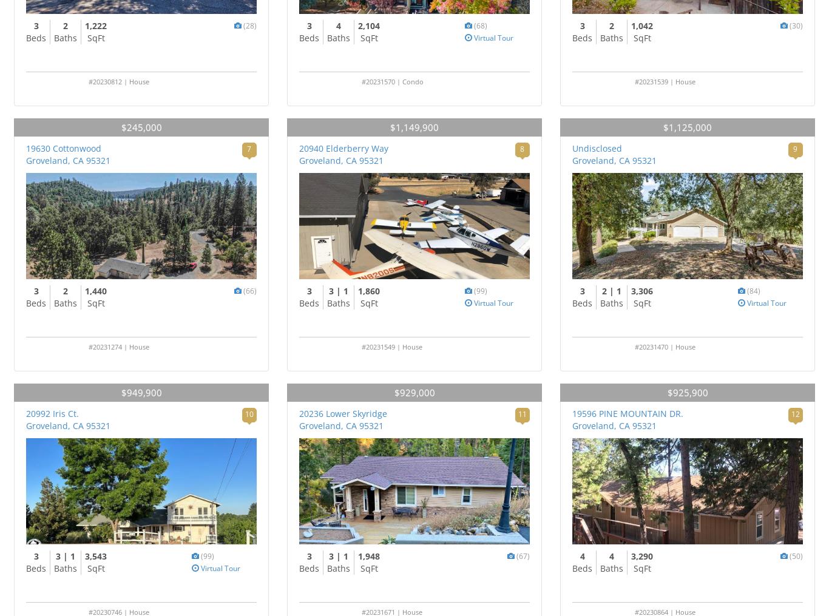  What do you see at coordinates (299, 148) in the screenshot?
I see `'20940 Elderberry Way'` at bounding box center [299, 148].